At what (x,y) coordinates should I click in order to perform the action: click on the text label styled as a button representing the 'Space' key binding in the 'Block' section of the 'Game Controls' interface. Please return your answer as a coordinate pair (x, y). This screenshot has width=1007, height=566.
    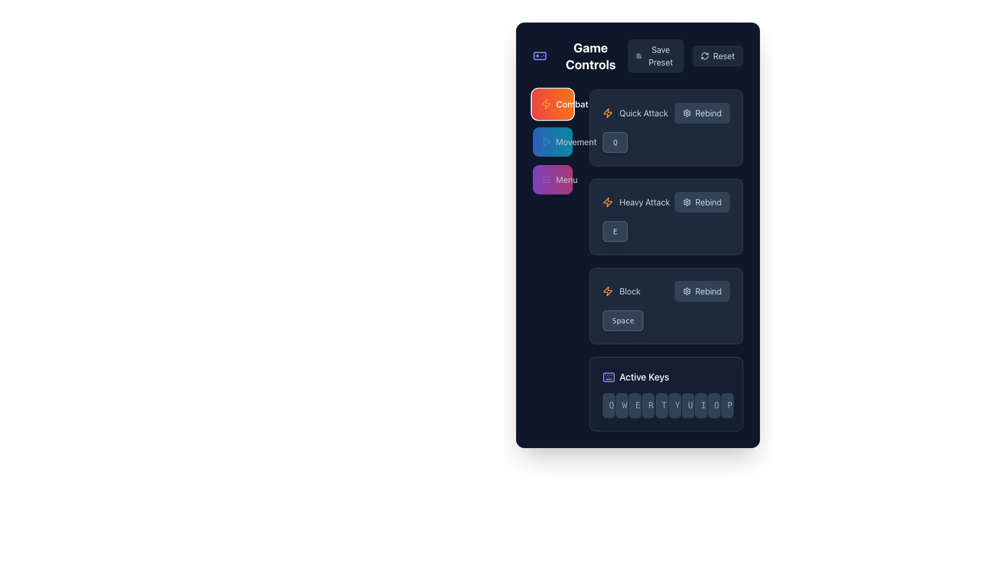
    Looking at the image, I should click on (623, 320).